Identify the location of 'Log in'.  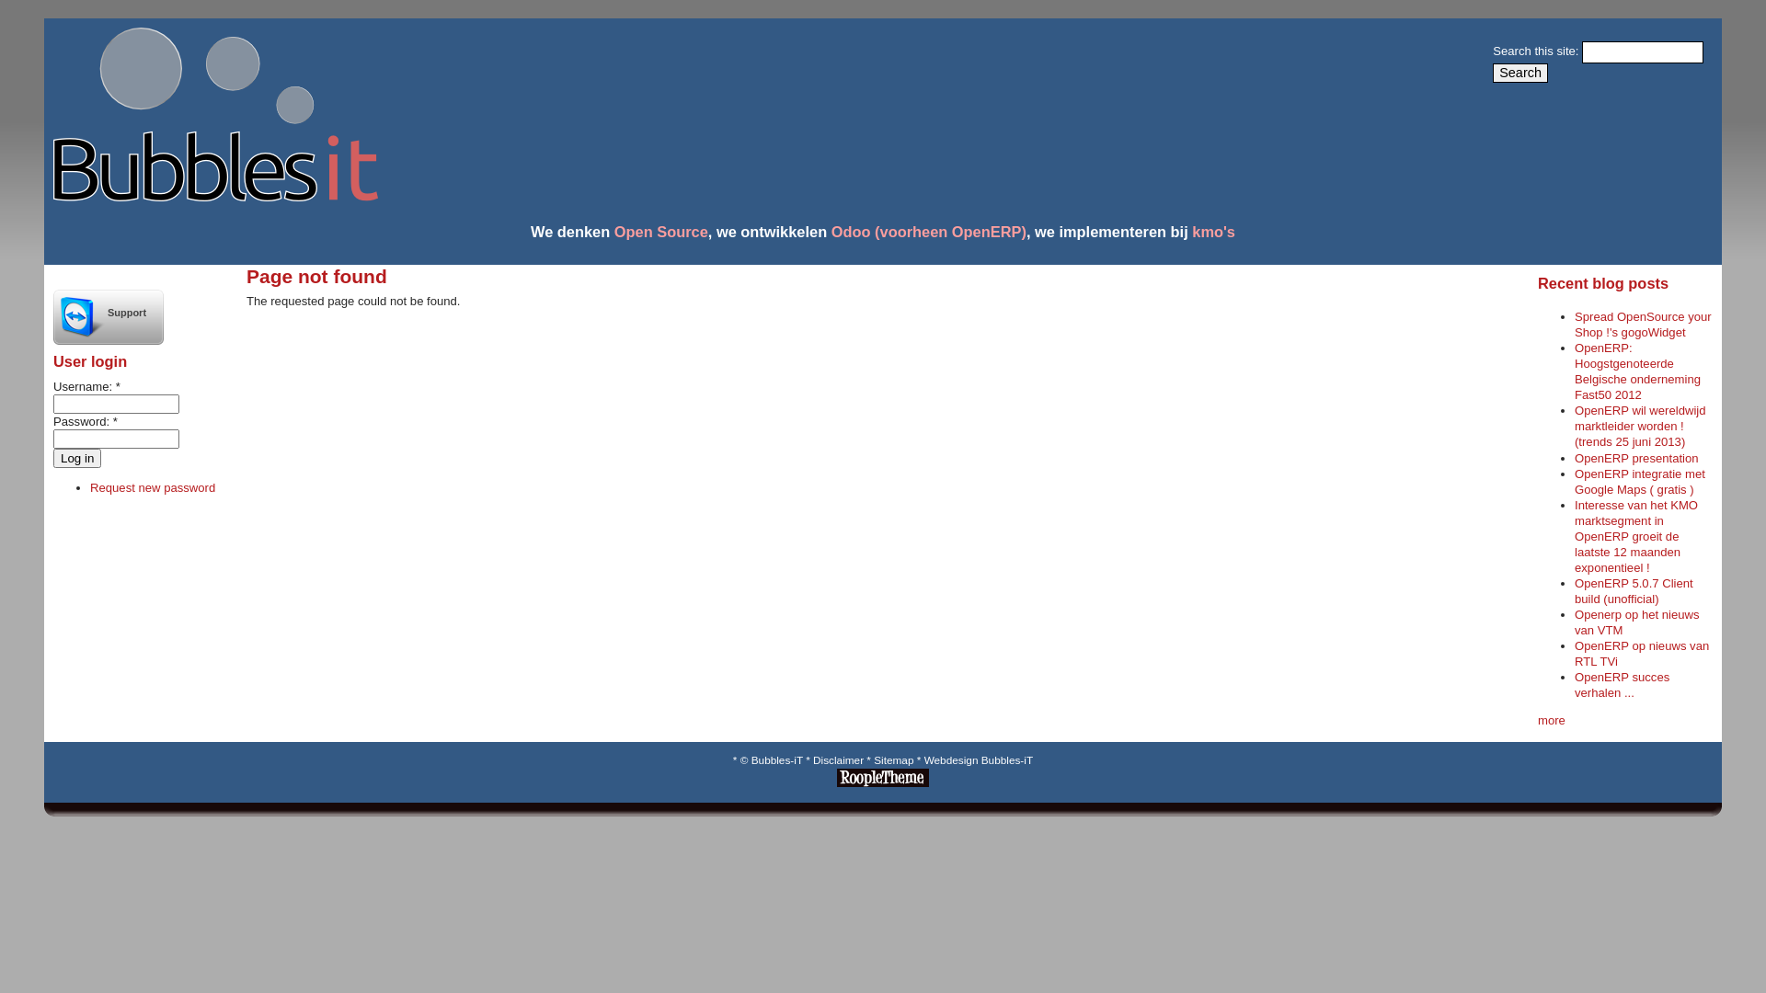
(75, 457).